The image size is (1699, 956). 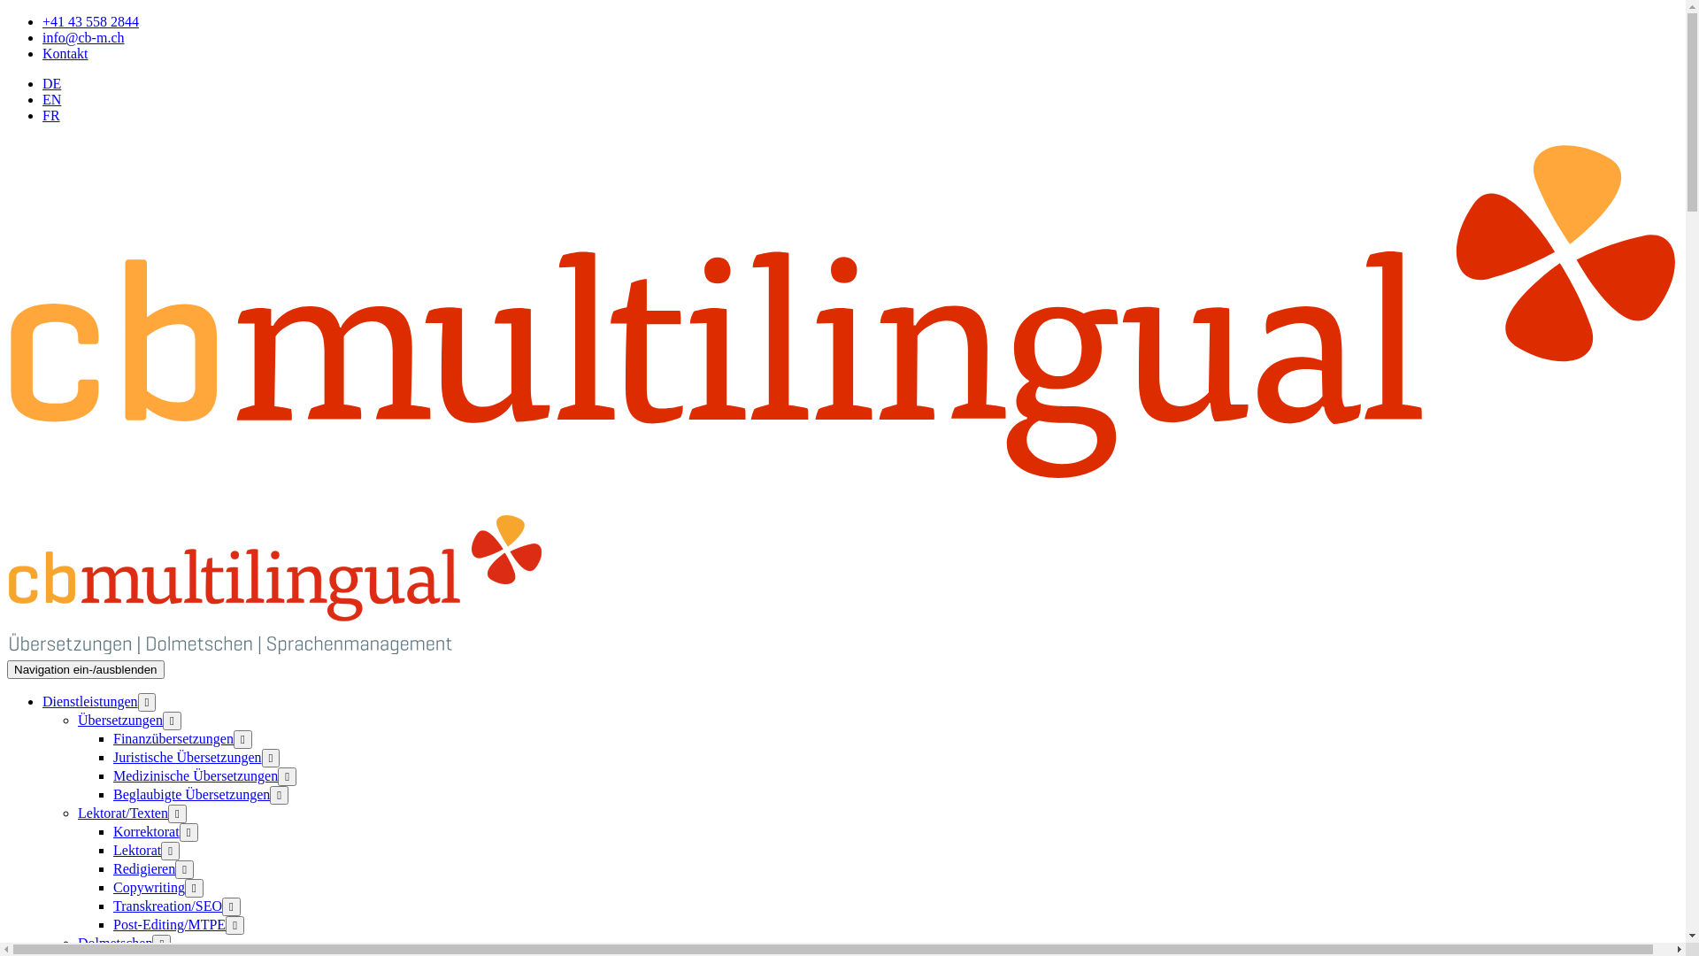 What do you see at coordinates (50, 115) in the screenshot?
I see `'FR'` at bounding box center [50, 115].